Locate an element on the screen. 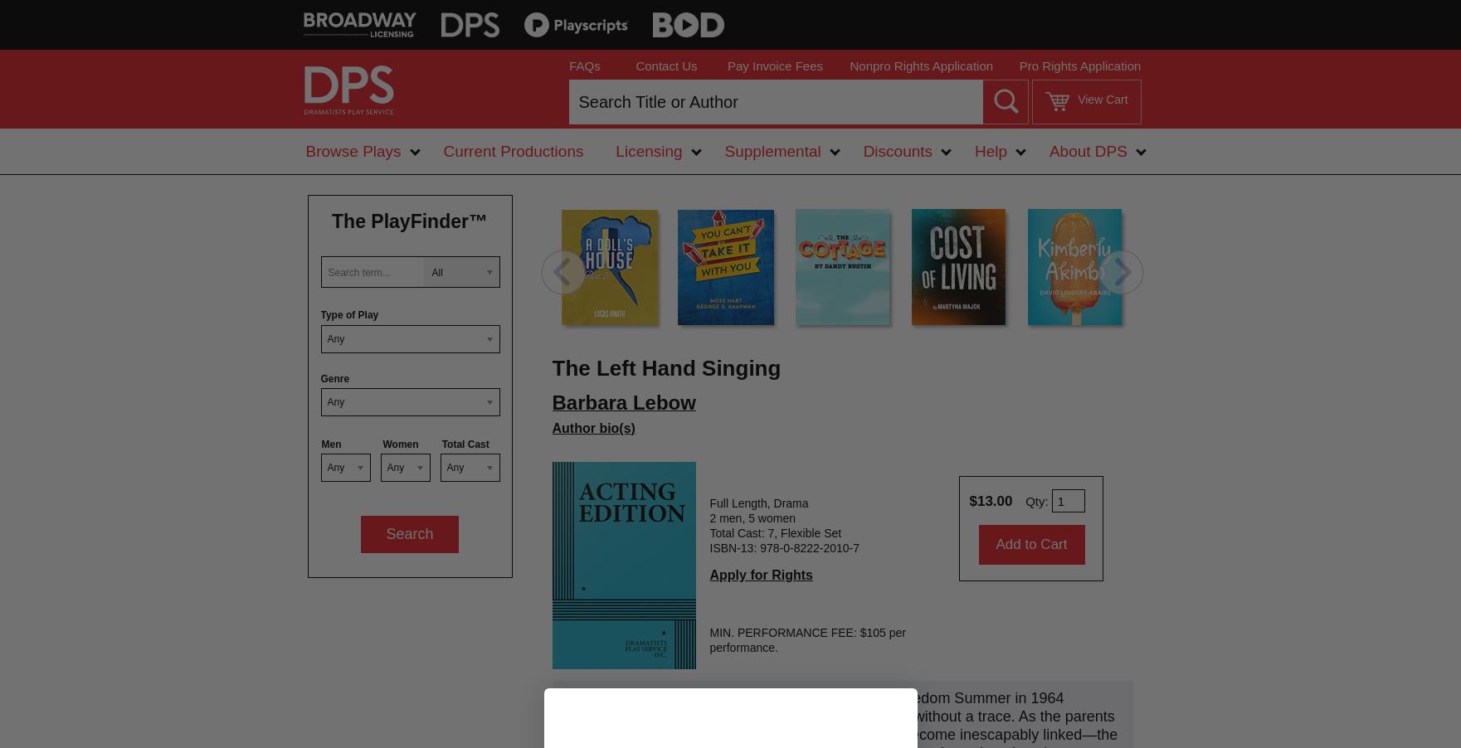 This screenshot has width=1461, height=748. 'MIN. PERFORMANCE FEE: $105 per performance.' is located at coordinates (806, 639).